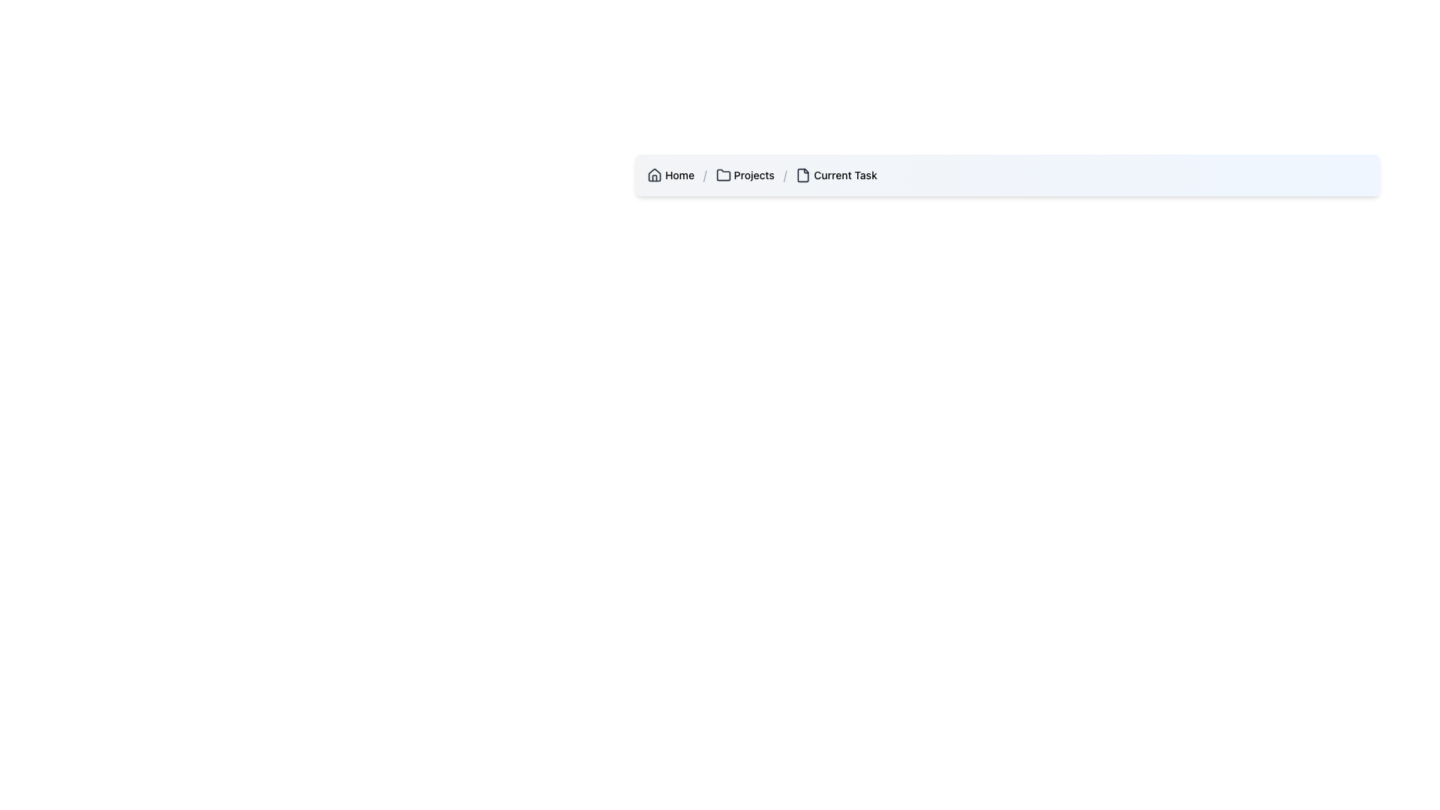  What do you see at coordinates (655, 175) in the screenshot?
I see `the homepage icon located at the top-left corner of the breadcrumb navigation bar, preceding the text label 'Home'` at bounding box center [655, 175].